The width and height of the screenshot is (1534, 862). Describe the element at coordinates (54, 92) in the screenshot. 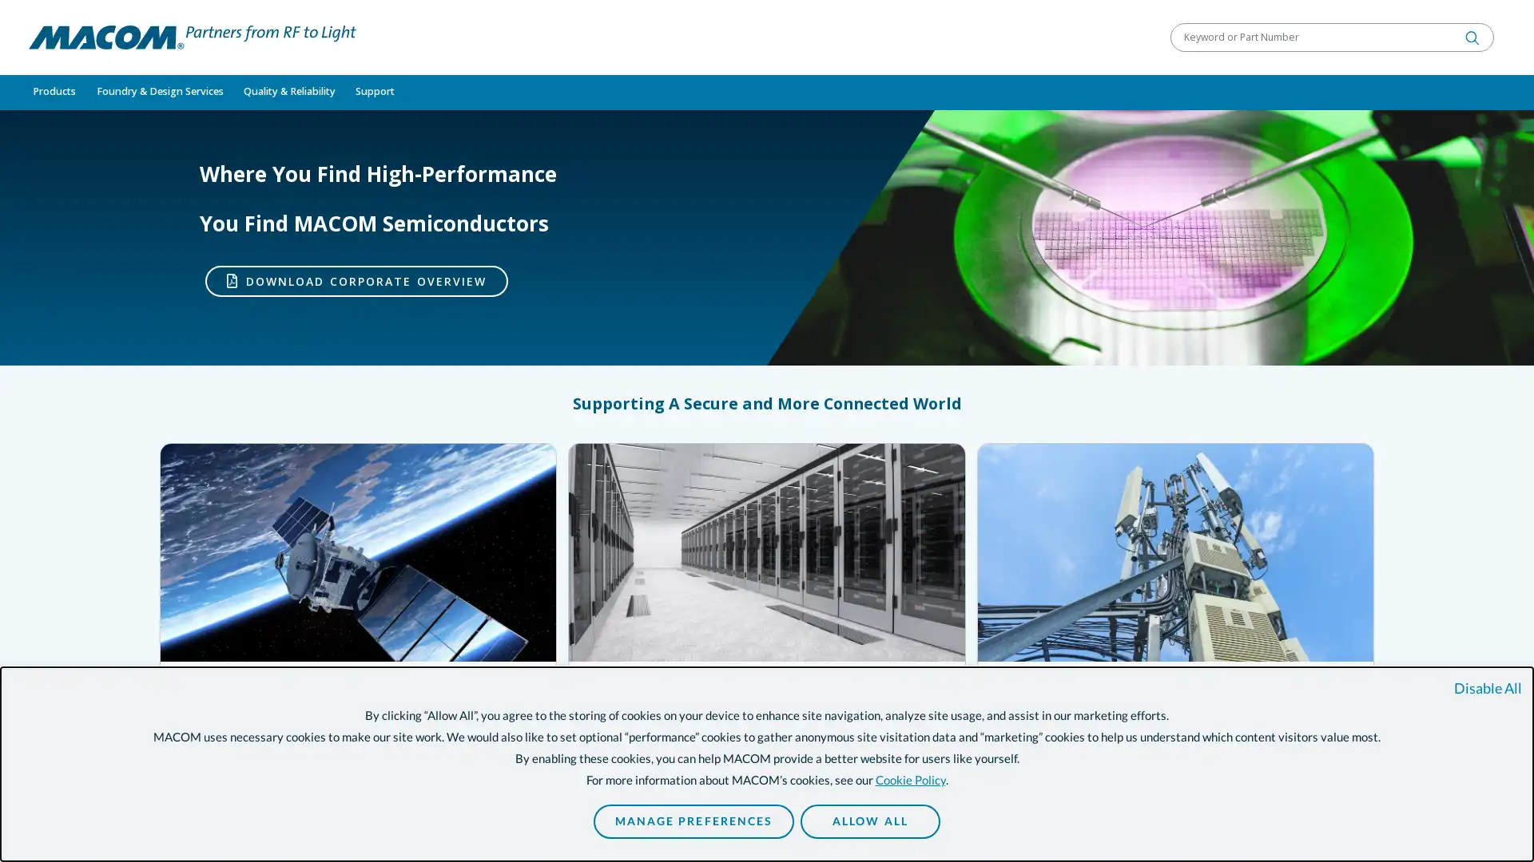

I see `Products` at that location.